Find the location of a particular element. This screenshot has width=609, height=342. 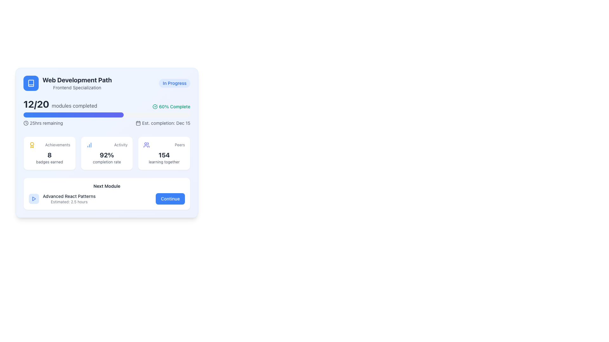

the icon styled with a white outline and a book symbol on a blue circular background located in the top left corner of the interface is located at coordinates (30, 83).